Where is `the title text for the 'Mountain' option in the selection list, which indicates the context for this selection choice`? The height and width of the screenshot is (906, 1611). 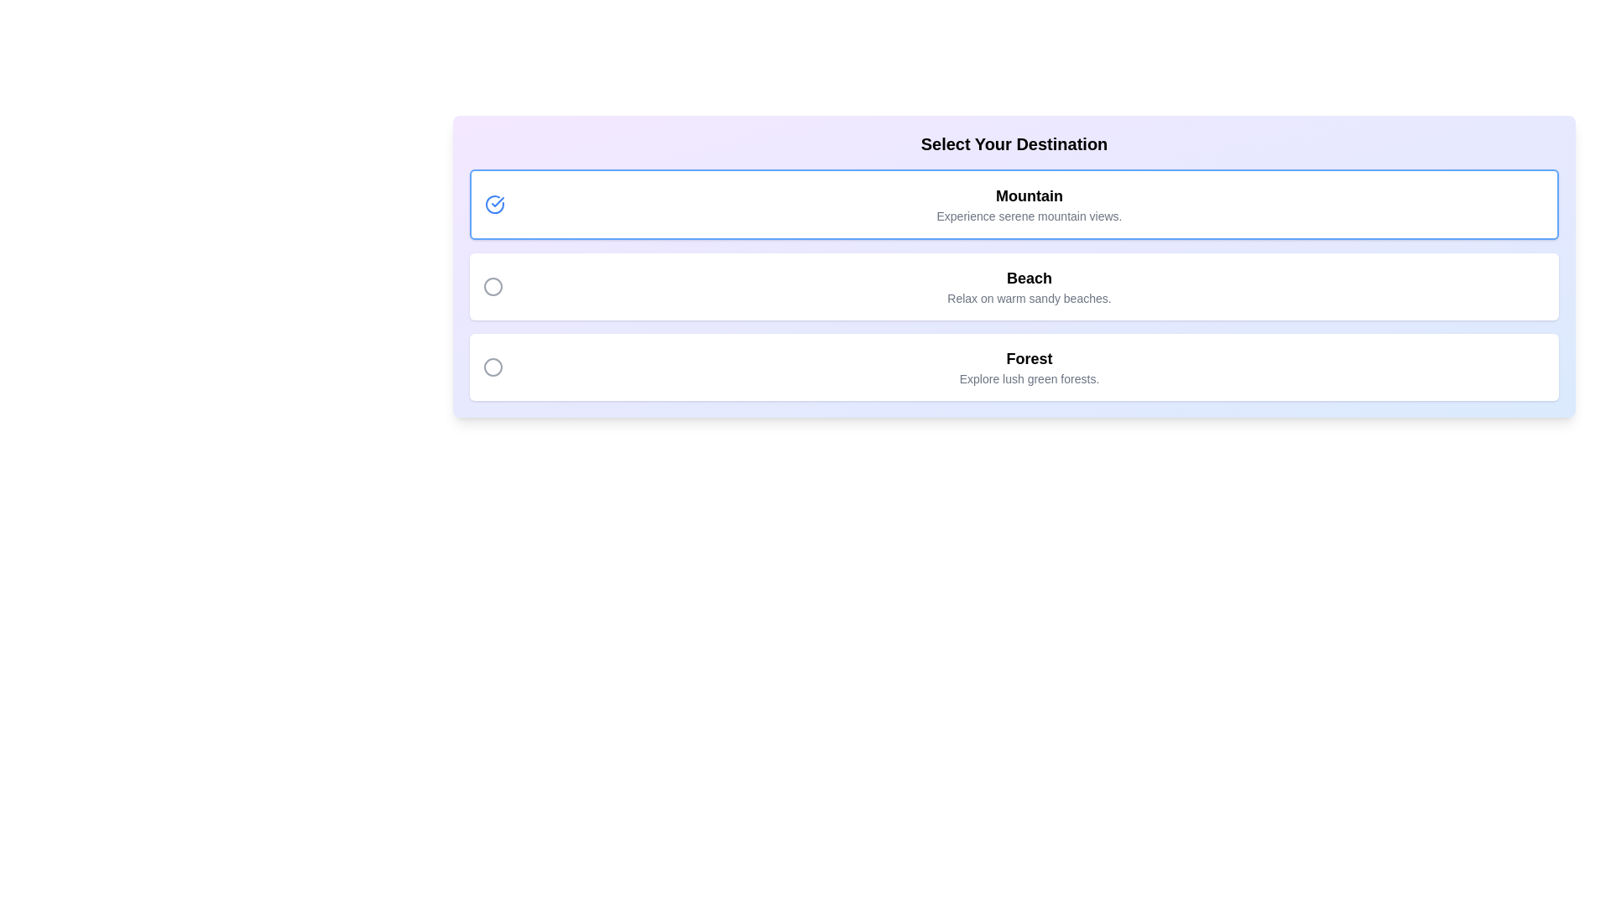 the title text for the 'Mountain' option in the selection list, which indicates the context for this selection choice is located at coordinates (1029, 195).